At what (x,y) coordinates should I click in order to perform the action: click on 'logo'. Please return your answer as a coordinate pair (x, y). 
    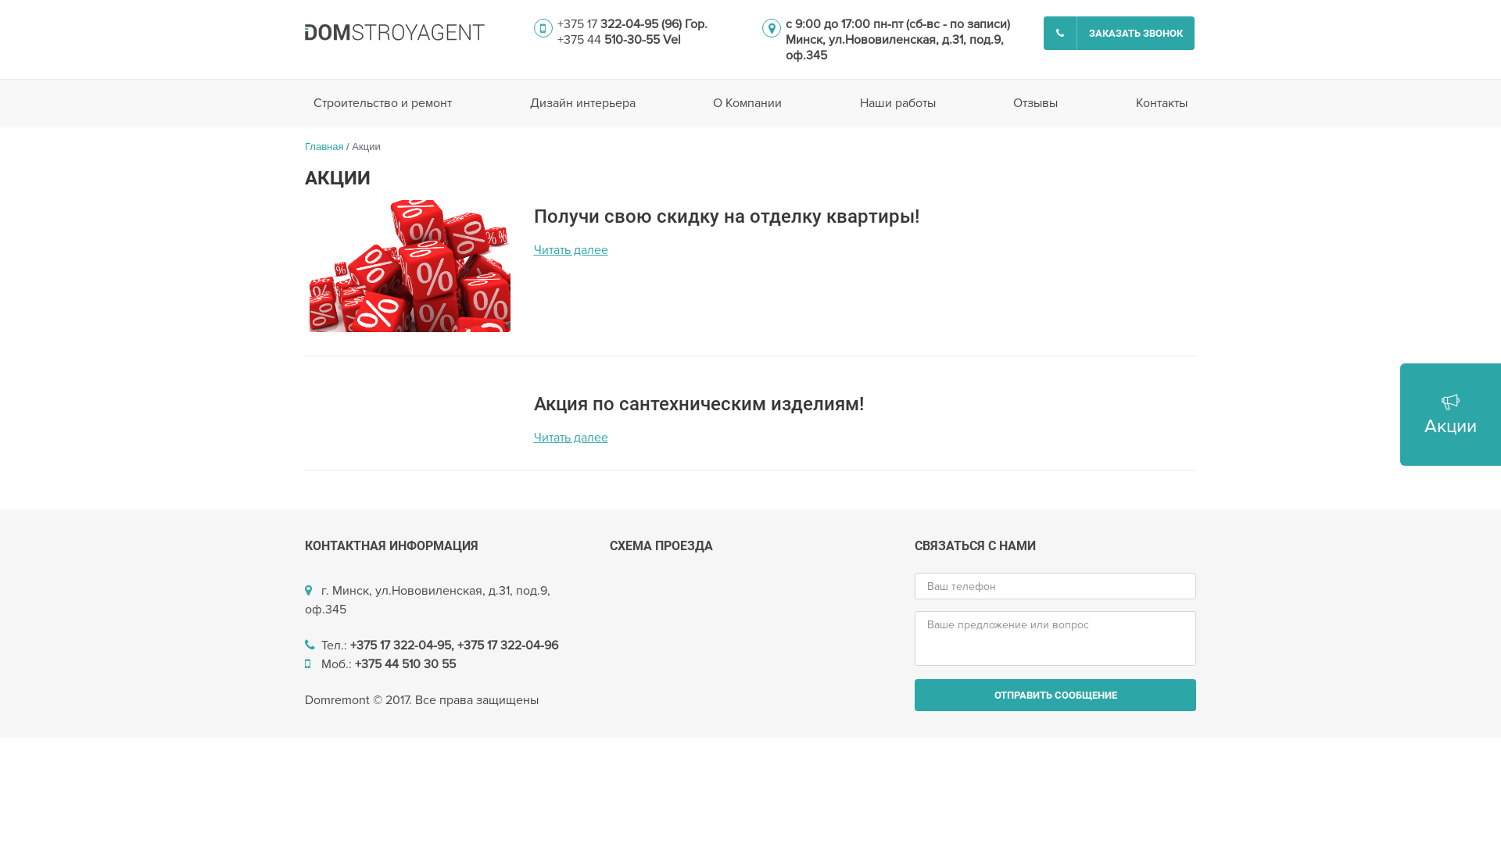
    Looking at the image, I should click on (394, 32).